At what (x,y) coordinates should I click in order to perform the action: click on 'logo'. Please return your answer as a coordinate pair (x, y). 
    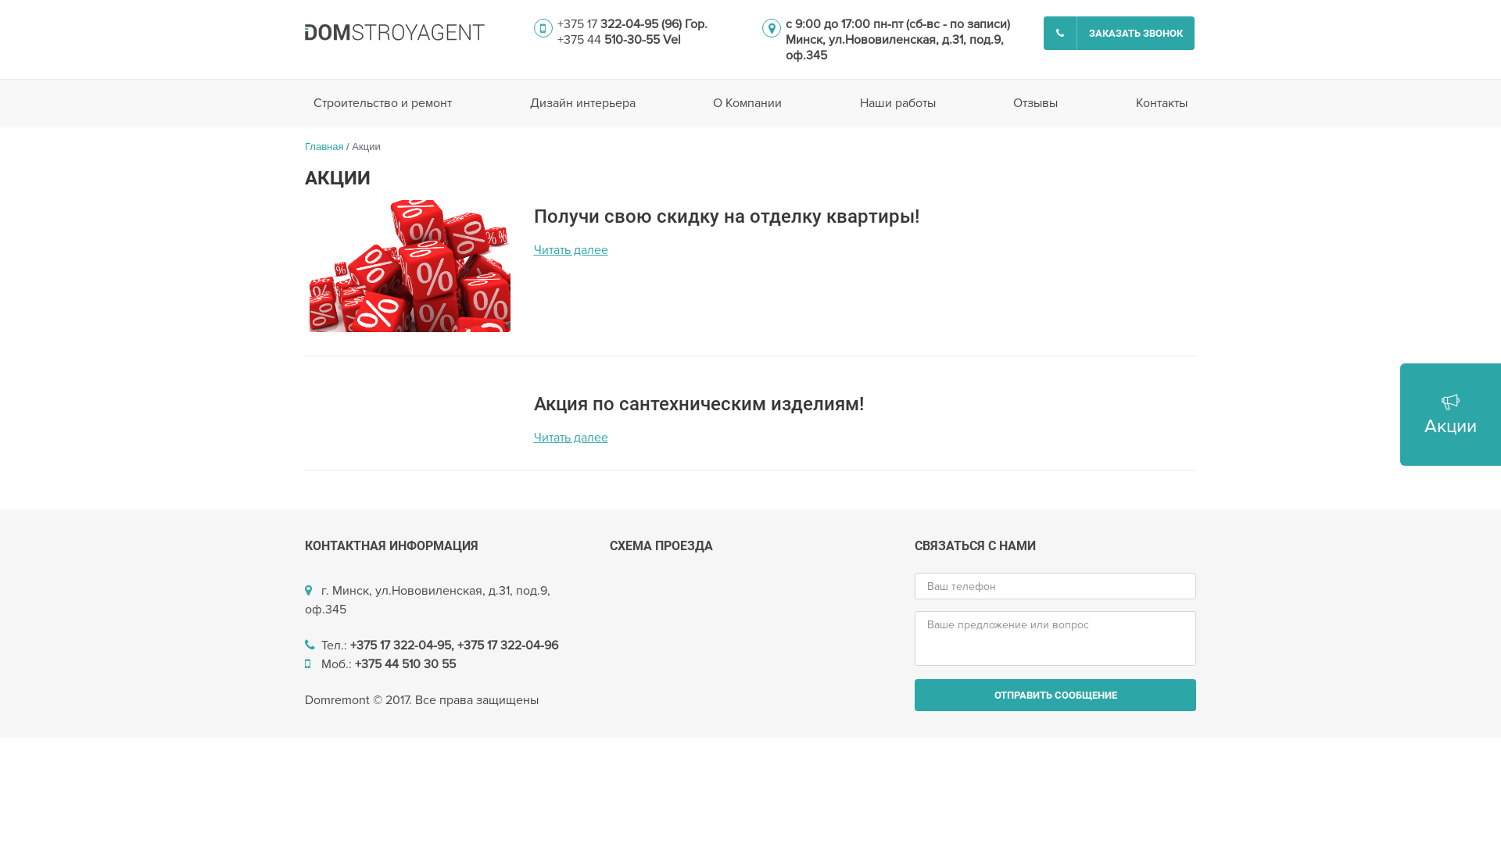
    Looking at the image, I should click on (394, 32).